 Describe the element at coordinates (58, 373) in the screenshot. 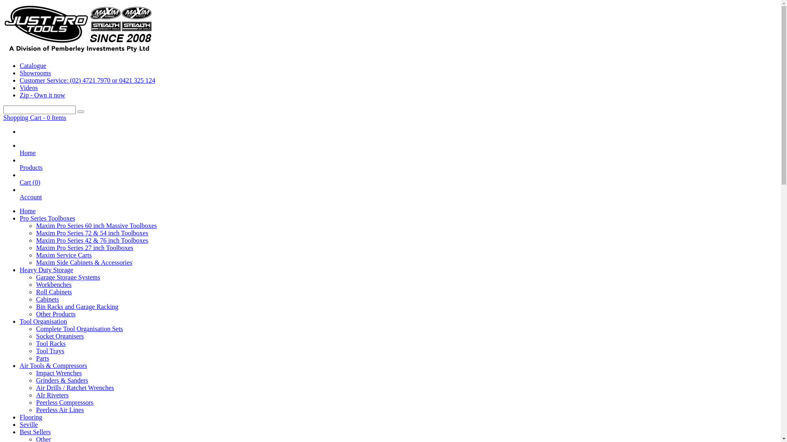

I see `'Impact Wrenches'` at that location.